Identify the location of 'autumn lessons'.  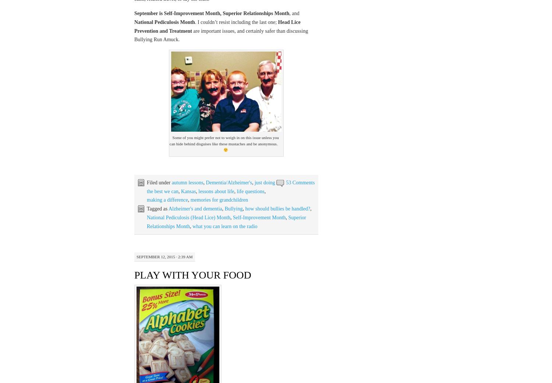
(187, 182).